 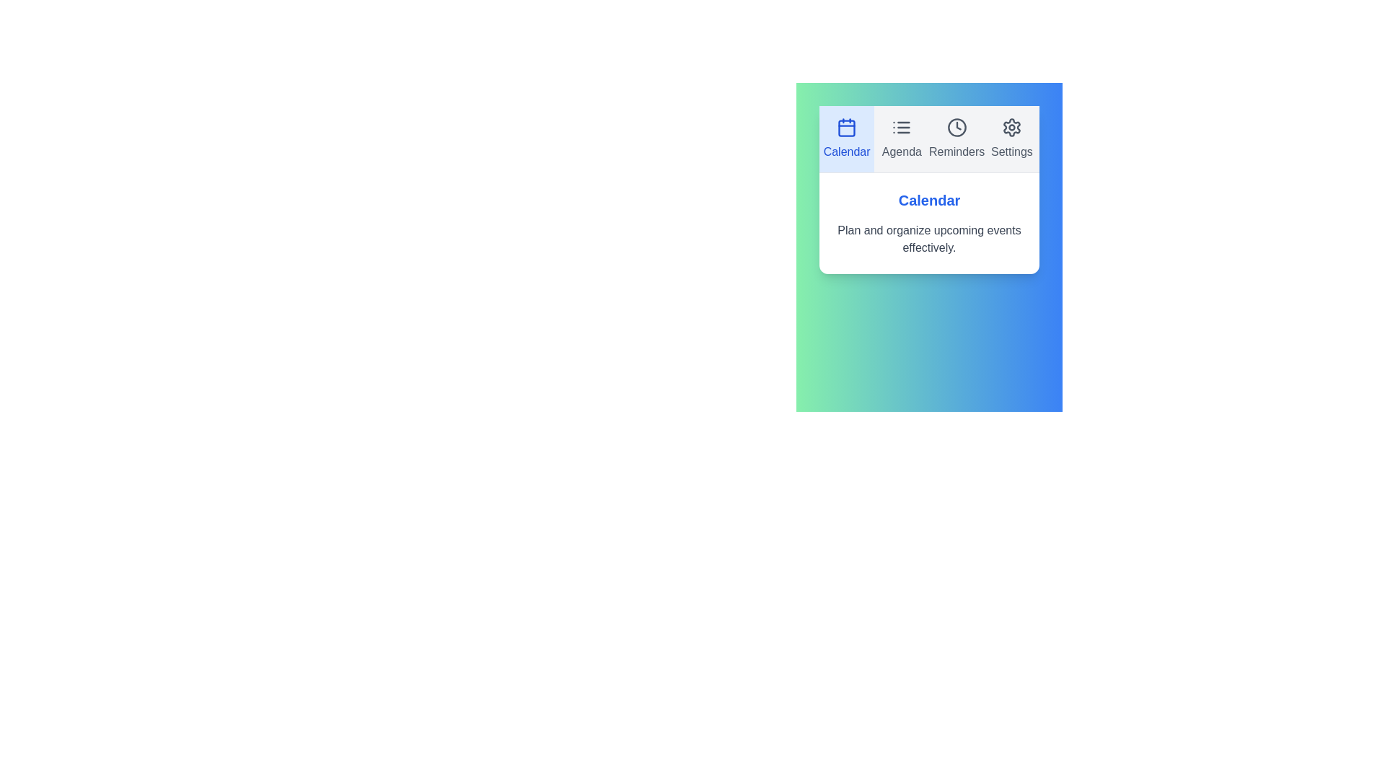 I want to click on the Calendar tab to view its content, so click(x=847, y=138).